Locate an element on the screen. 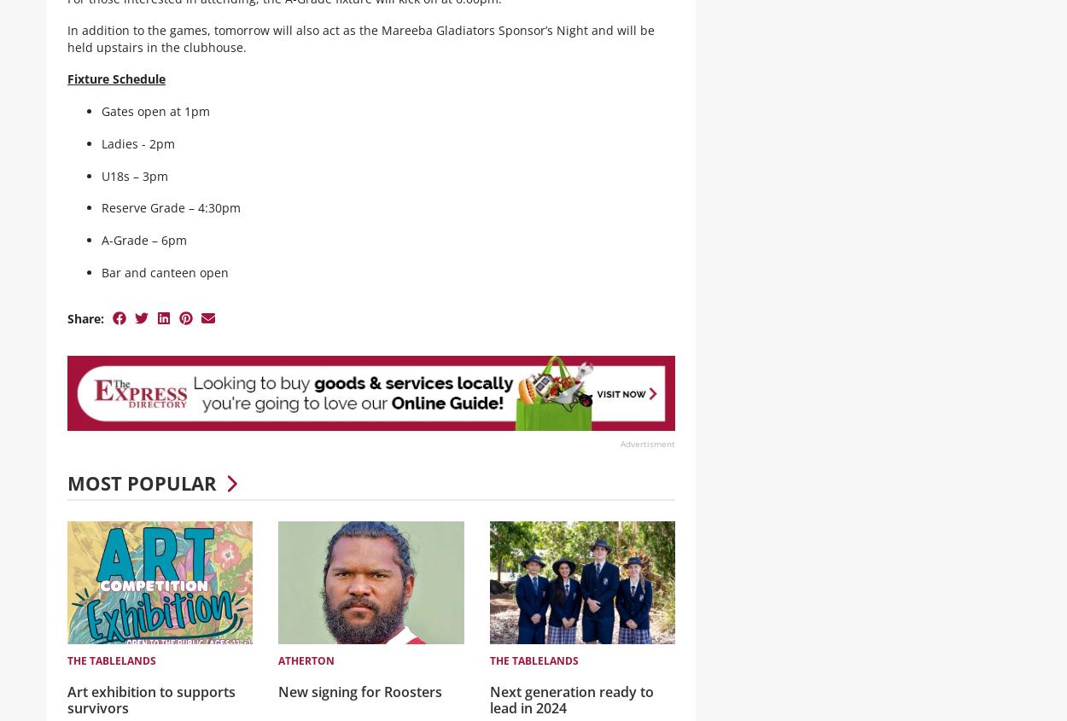 The image size is (1067, 721). 'New signing for Roosters' is located at coordinates (360, 704).